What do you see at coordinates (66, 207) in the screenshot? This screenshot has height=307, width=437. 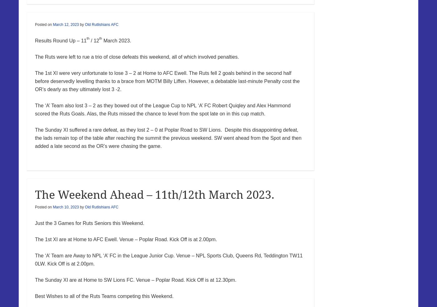 I see `'March 10, 2023'` at bounding box center [66, 207].